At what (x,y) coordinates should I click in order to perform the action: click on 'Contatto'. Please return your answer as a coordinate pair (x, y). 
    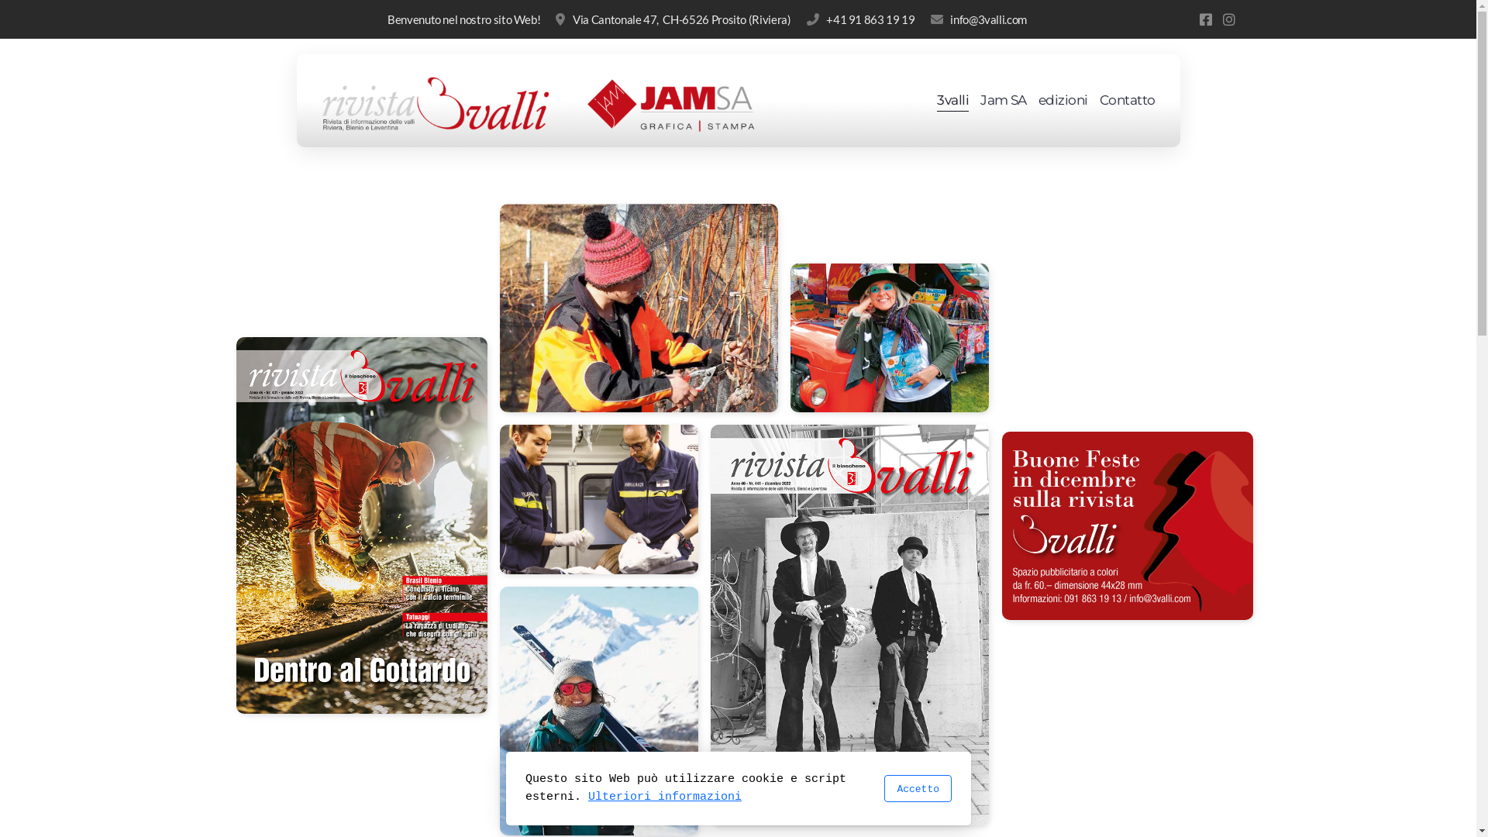
    Looking at the image, I should click on (1127, 101).